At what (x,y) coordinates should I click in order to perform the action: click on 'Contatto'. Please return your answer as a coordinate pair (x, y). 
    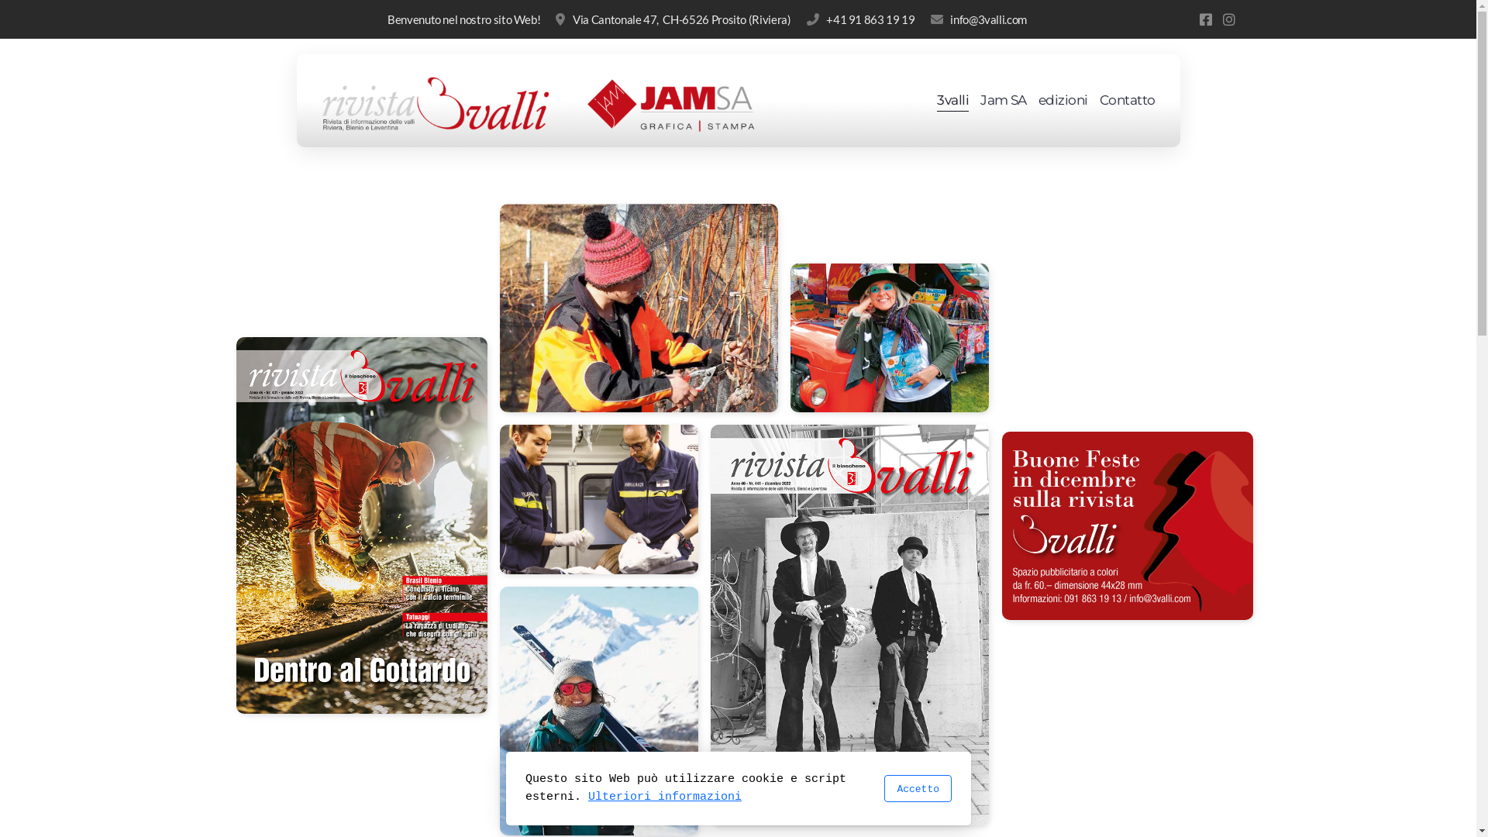
    Looking at the image, I should click on (1127, 101).